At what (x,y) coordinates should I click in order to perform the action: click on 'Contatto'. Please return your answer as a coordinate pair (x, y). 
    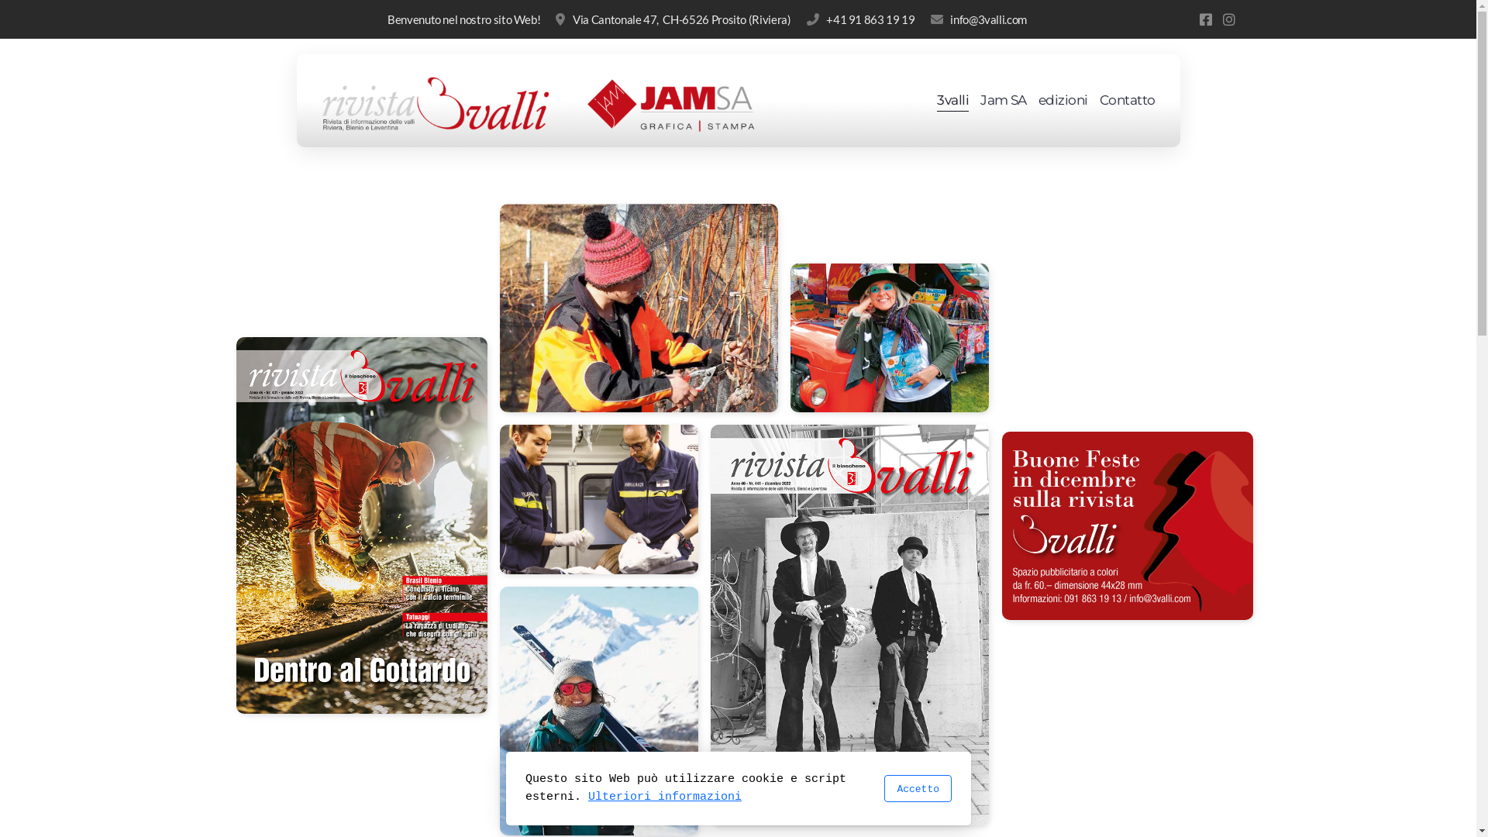
    Looking at the image, I should click on (1127, 101).